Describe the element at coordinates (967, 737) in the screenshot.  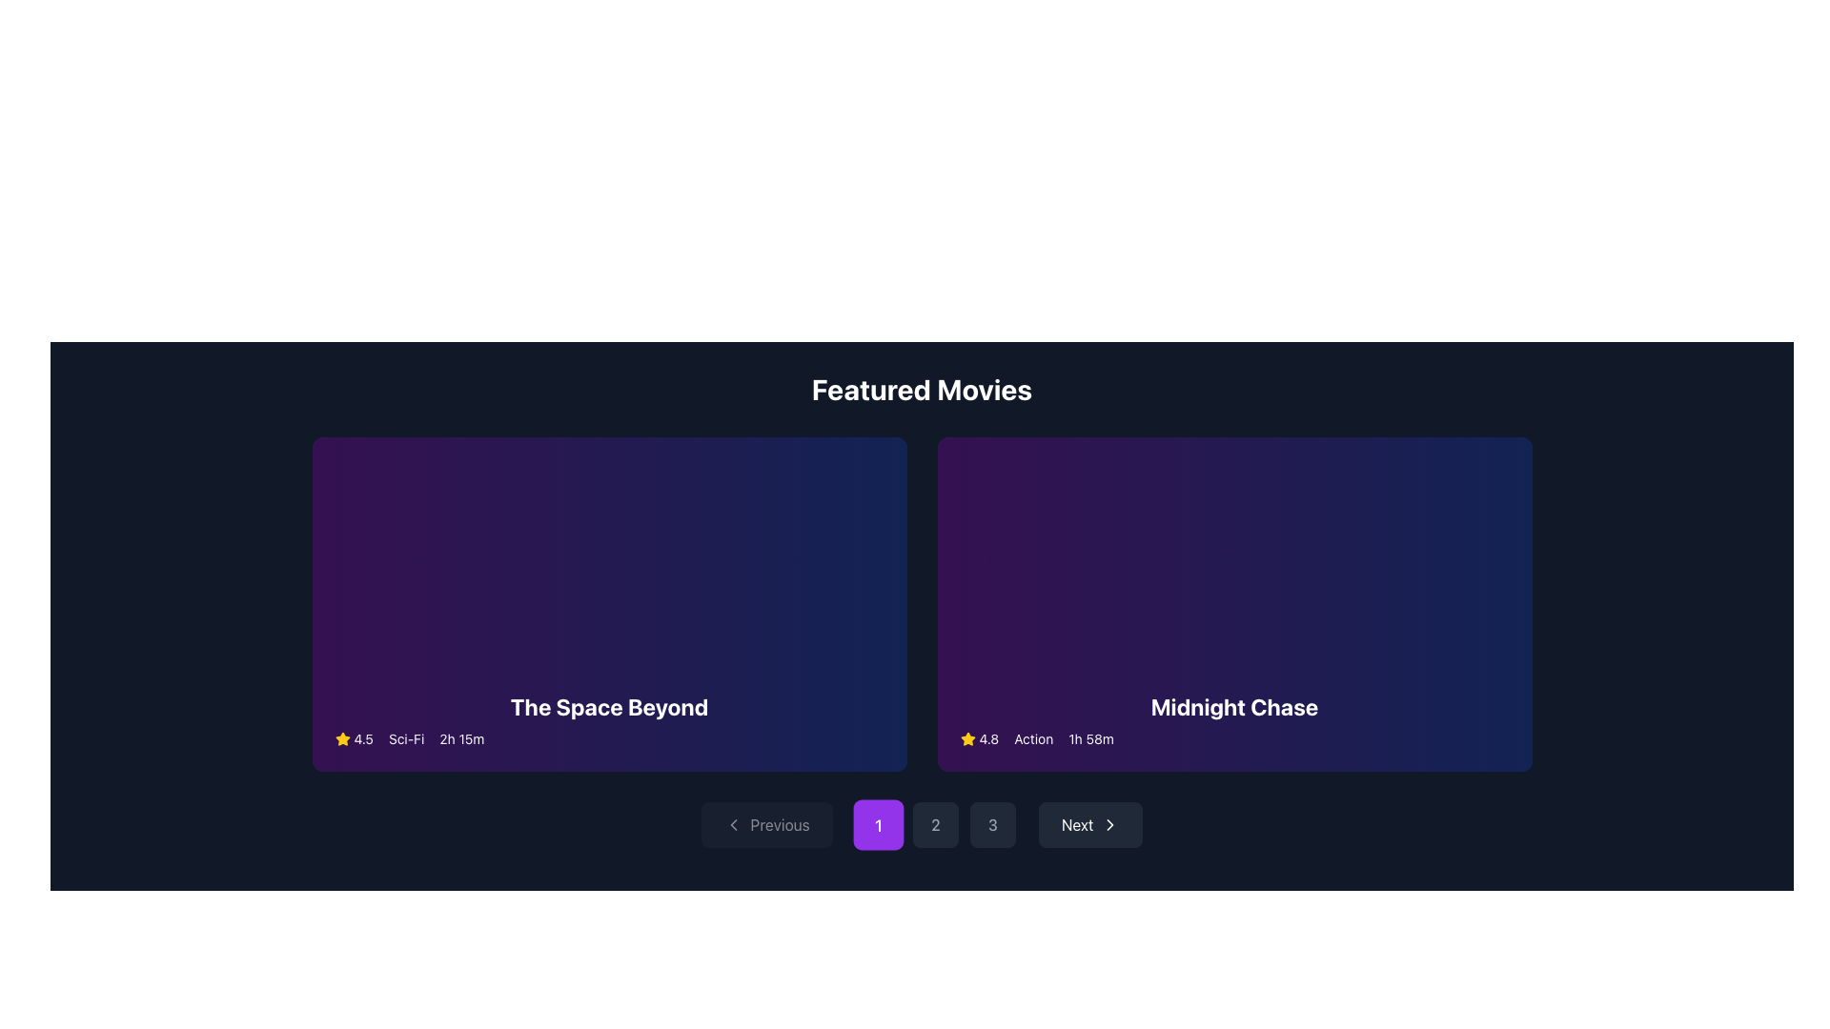
I see `the yellow filled star icon located in the lower-left corner of the 'Midnight Chase' movie card, just before the rating value '4.8'` at that location.